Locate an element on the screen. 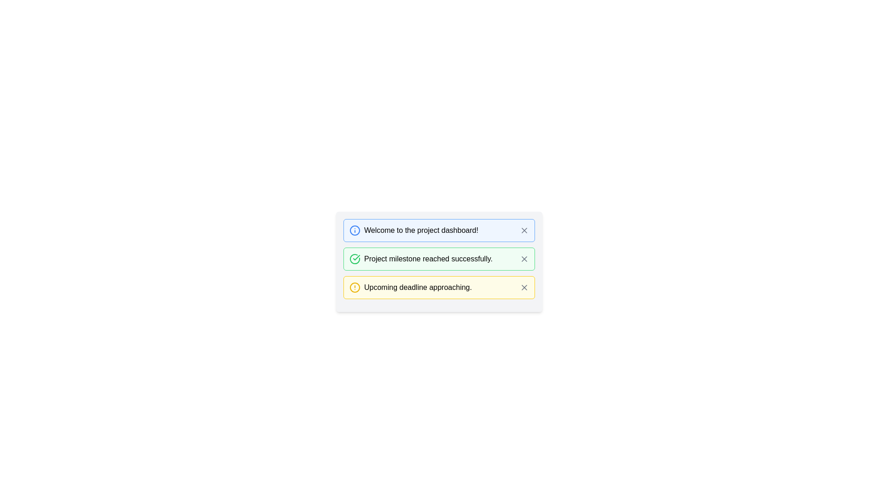  the circular yellow outlined icon with an exclamation mark indicating an alert, located to the left of the text 'Upcoming deadline approaching' is located at coordinates (355, 287).